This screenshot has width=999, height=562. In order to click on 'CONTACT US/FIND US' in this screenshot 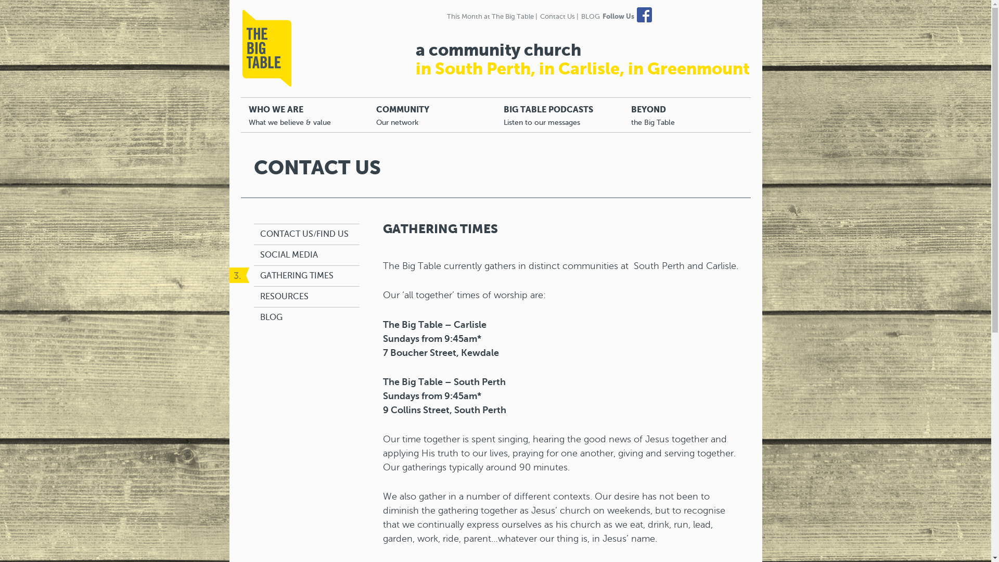, I will do `click(304, 234)`.